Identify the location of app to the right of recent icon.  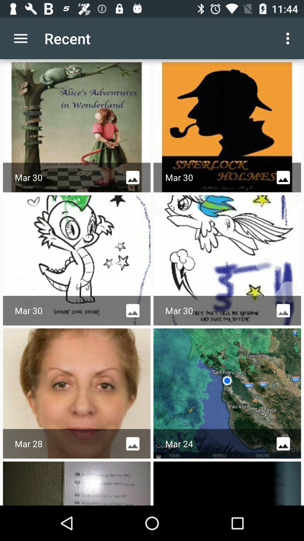
(289, 38).